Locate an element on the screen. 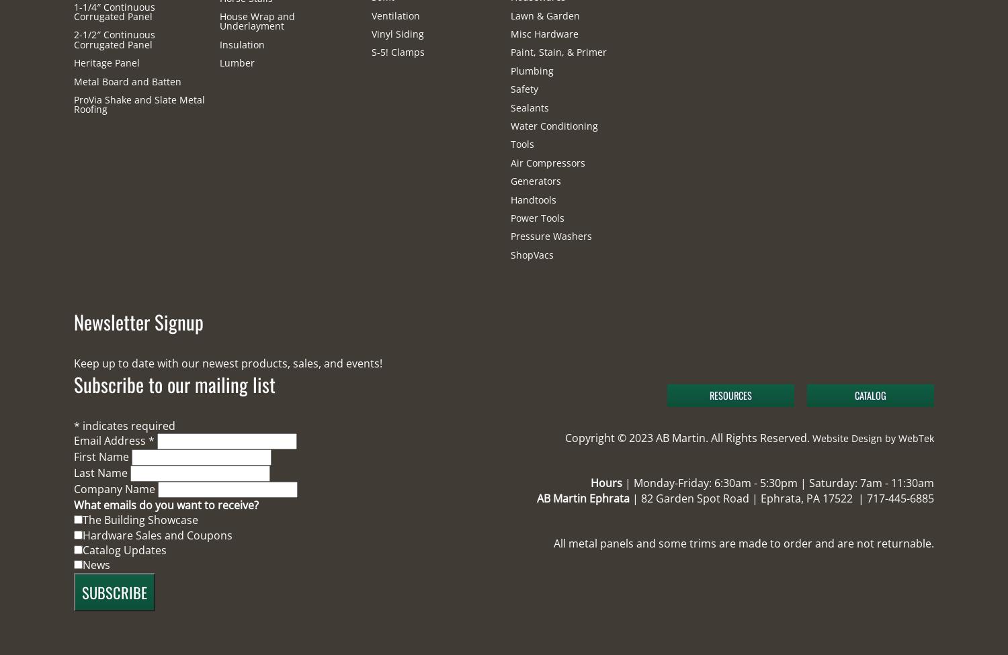 This screenshot has width=1008, height=655. 'Hours' is located at coordinates (605, 482).